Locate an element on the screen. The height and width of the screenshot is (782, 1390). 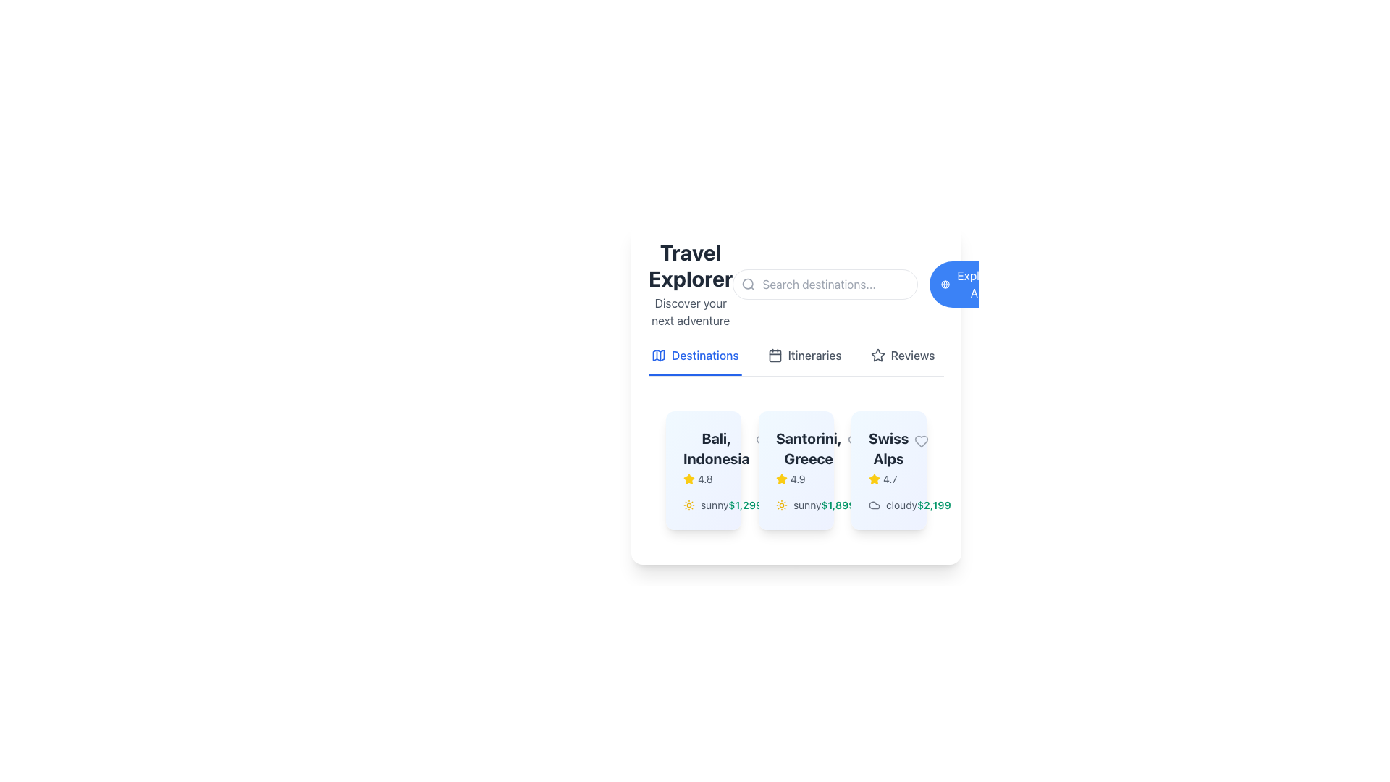
the small blue globe icon located on the left side of the 'Explore All' button, which is positioned at the top-right corner of the interface is located at coordinates (945, 285).